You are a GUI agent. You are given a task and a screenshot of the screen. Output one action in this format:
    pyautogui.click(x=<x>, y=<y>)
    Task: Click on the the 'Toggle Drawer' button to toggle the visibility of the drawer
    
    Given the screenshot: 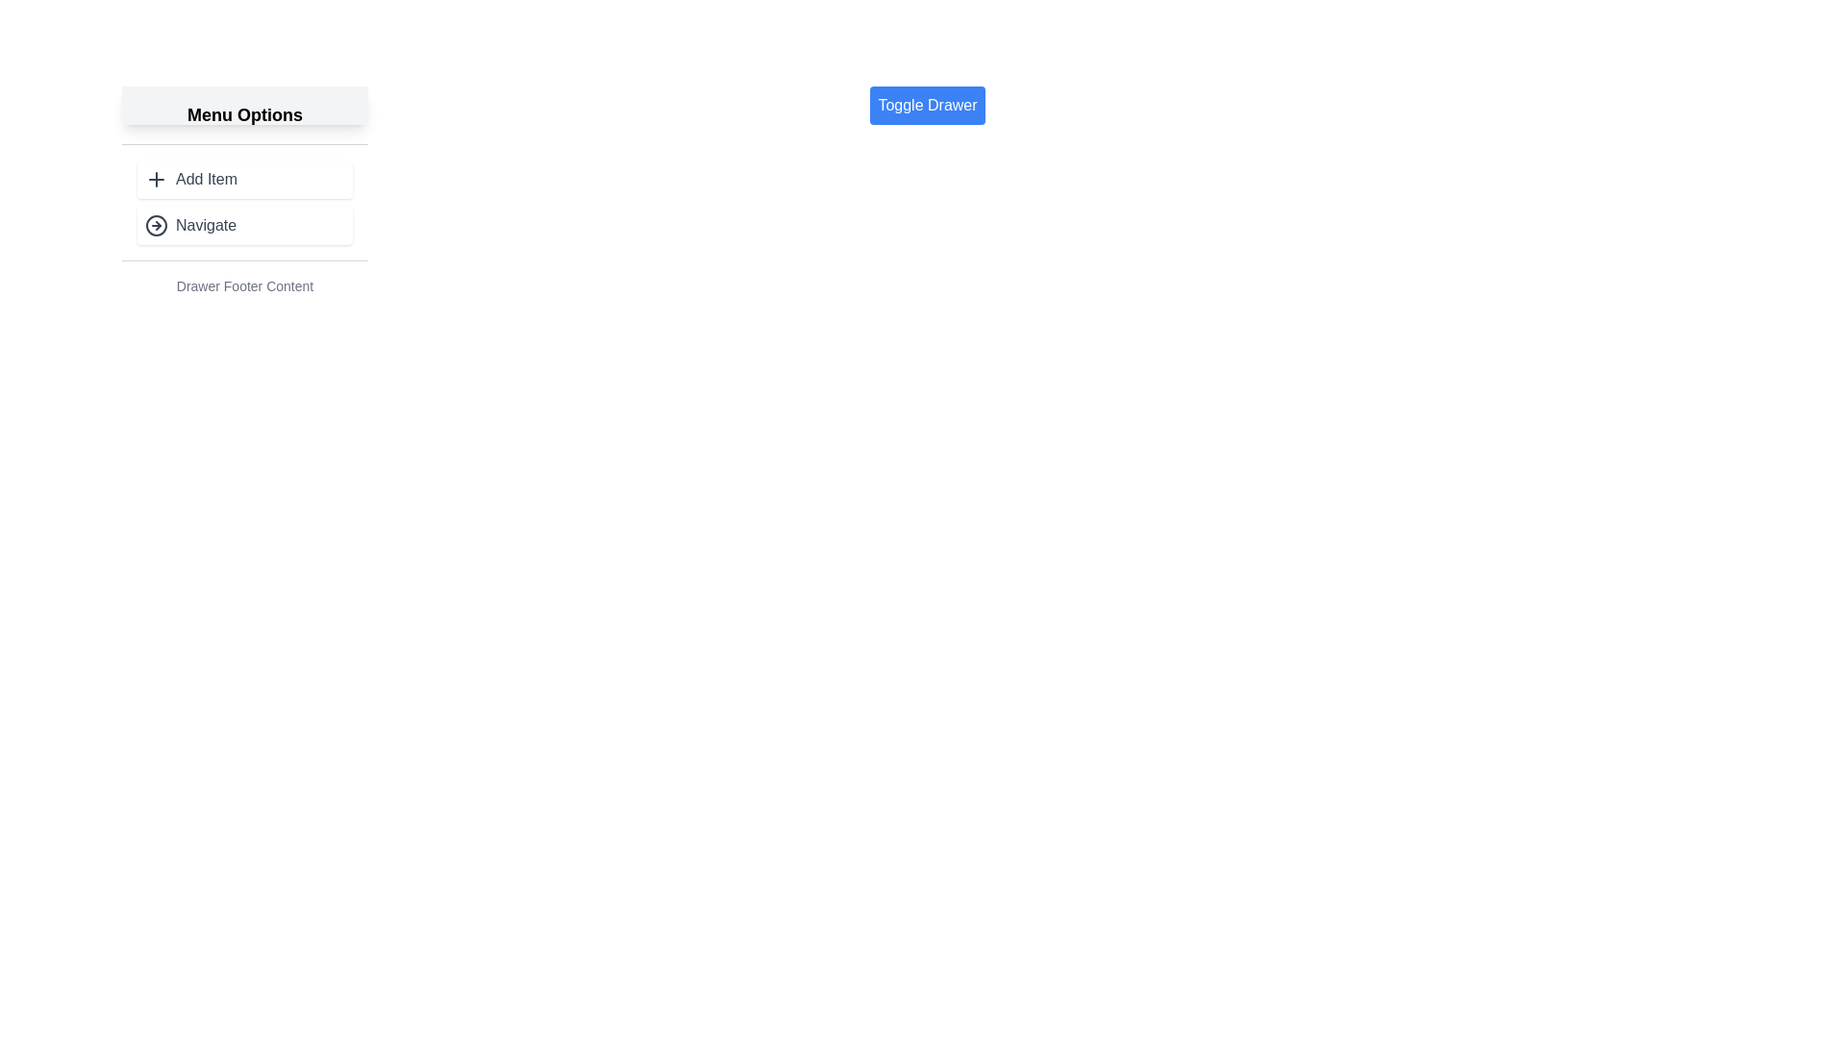 What is the action you would take?
    pyautogui.click(x=927, y=106)
    